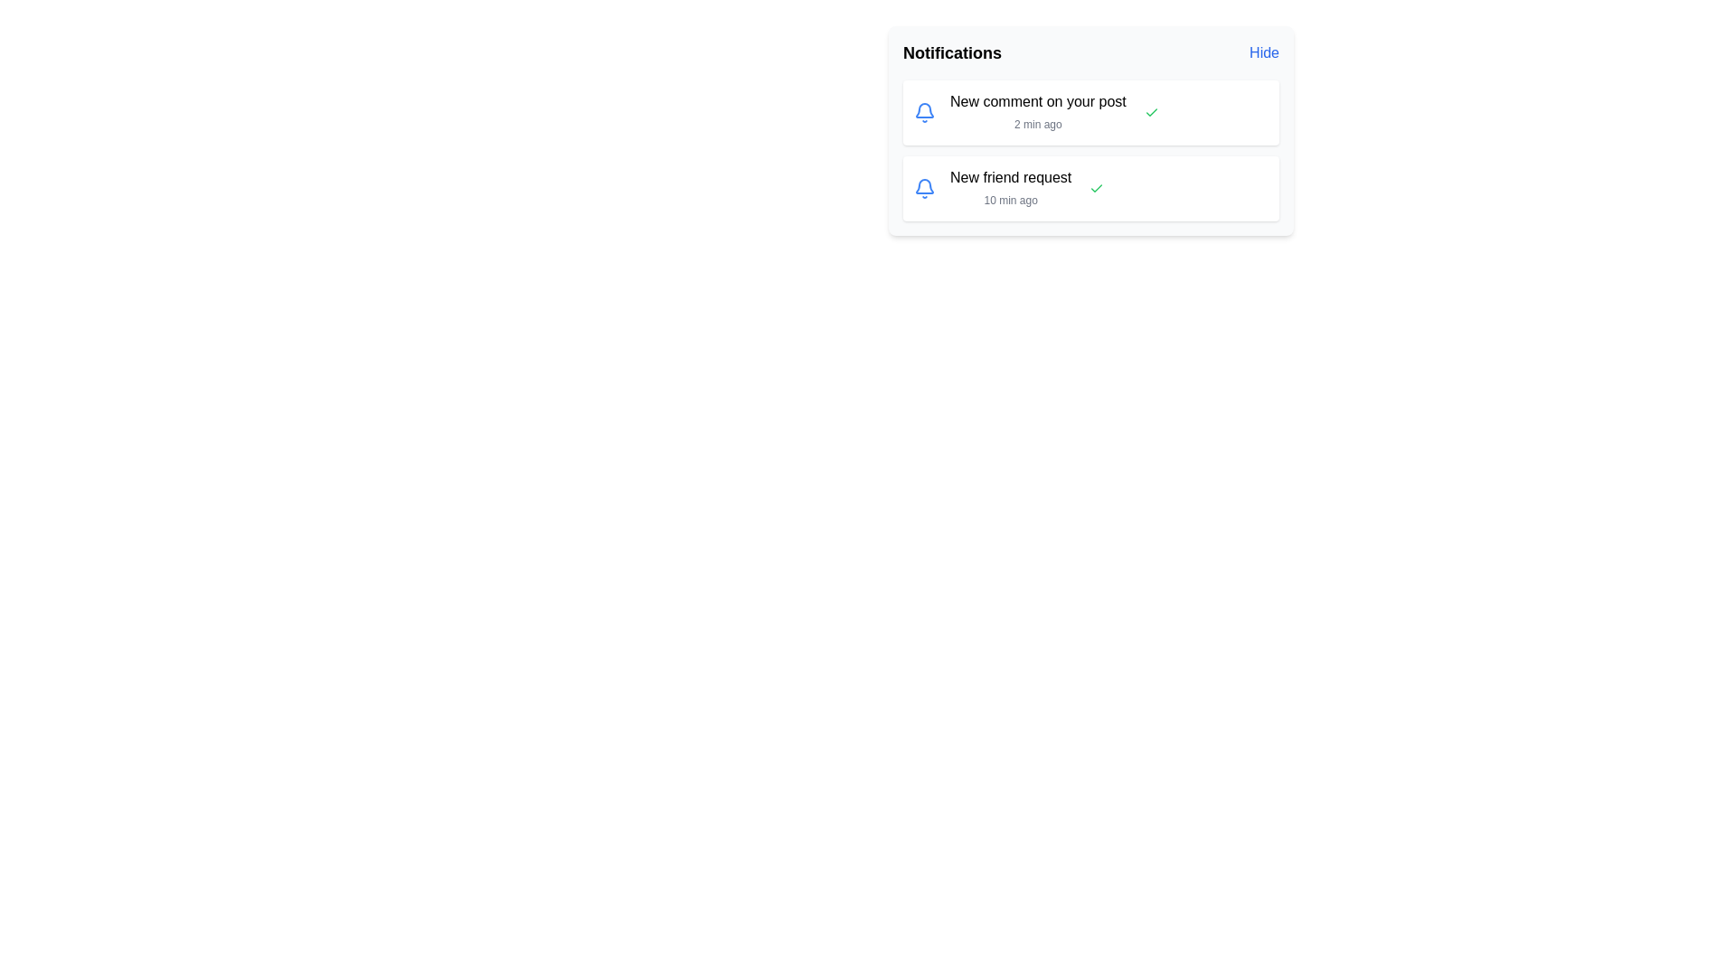 The height and width of the screenshot is (976, 1736). What do you see at coordinates (1010, 201) in the screenshot?
I see `the text label displaying '10 min ago' located on the right side of the 'New friend request' notification in the notifications panel` at bounding box center [1010, 201].